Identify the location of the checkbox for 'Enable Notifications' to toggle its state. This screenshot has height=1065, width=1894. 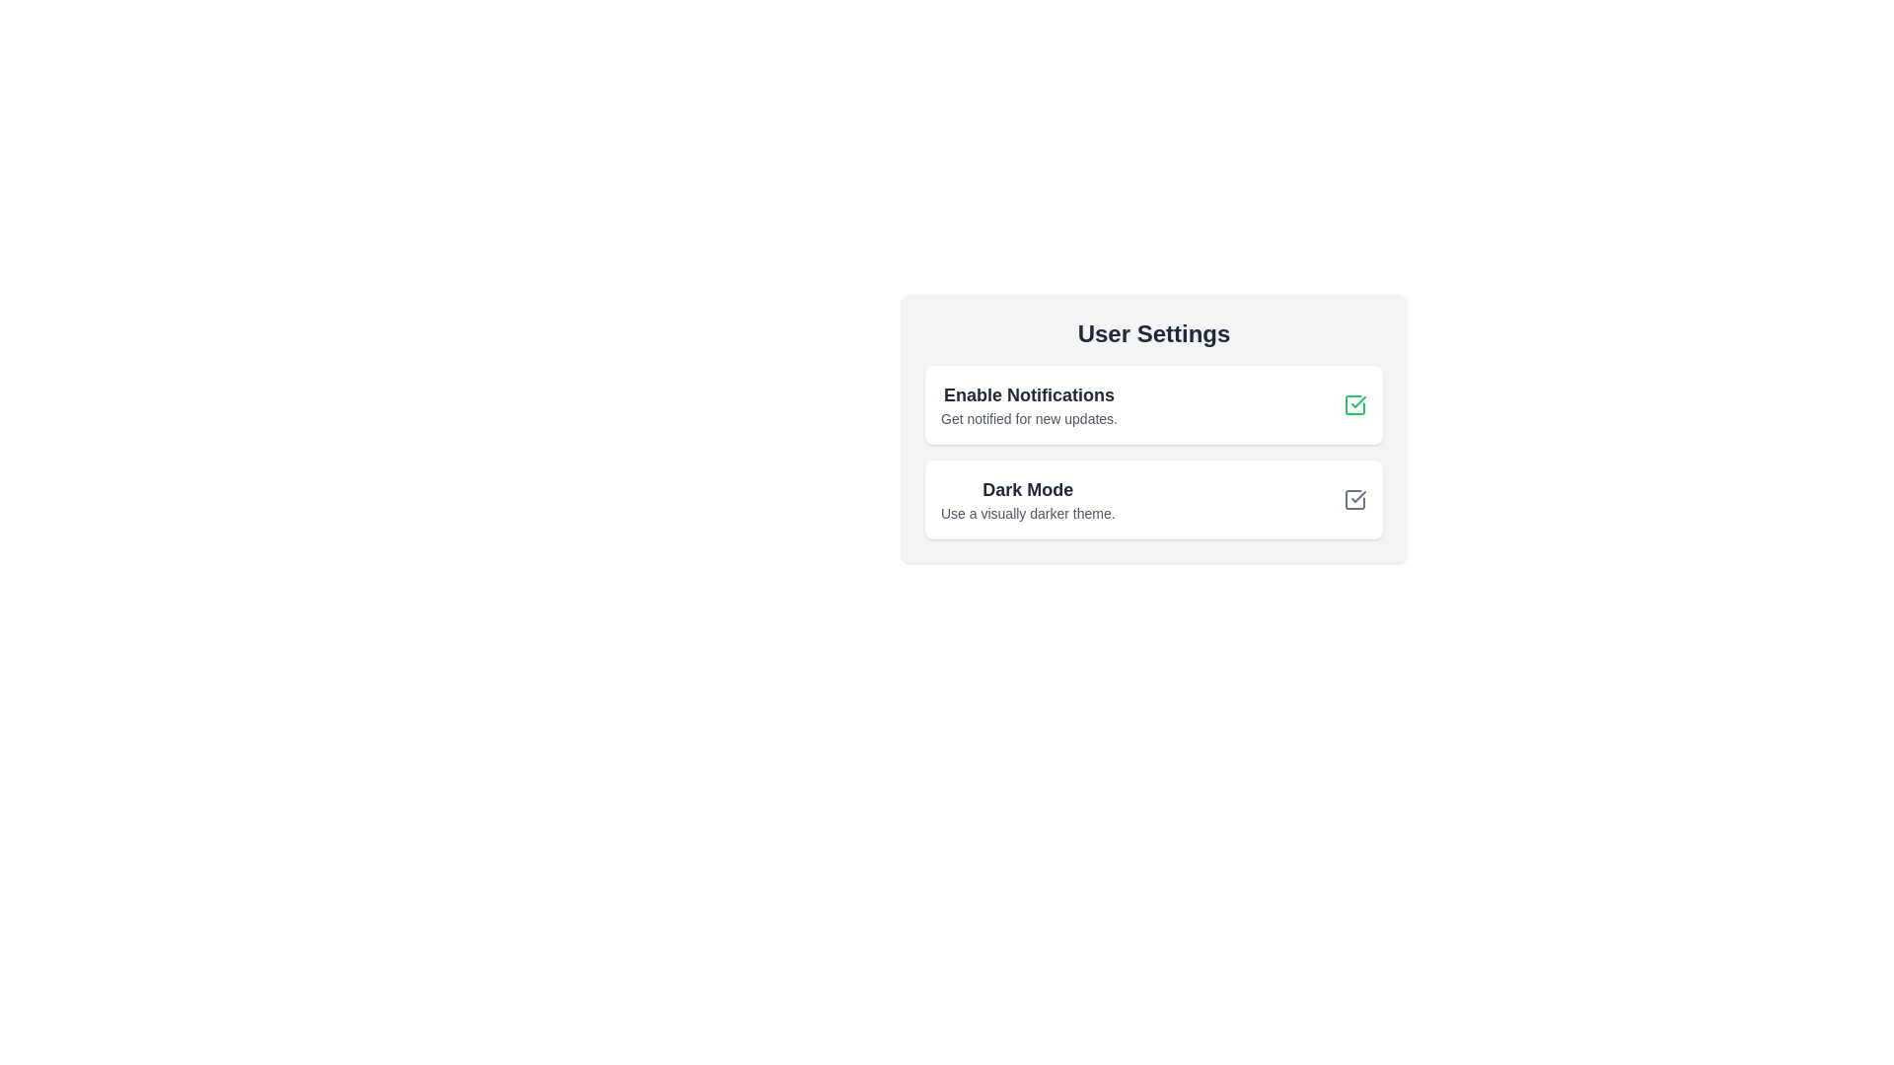
(1353, 404).